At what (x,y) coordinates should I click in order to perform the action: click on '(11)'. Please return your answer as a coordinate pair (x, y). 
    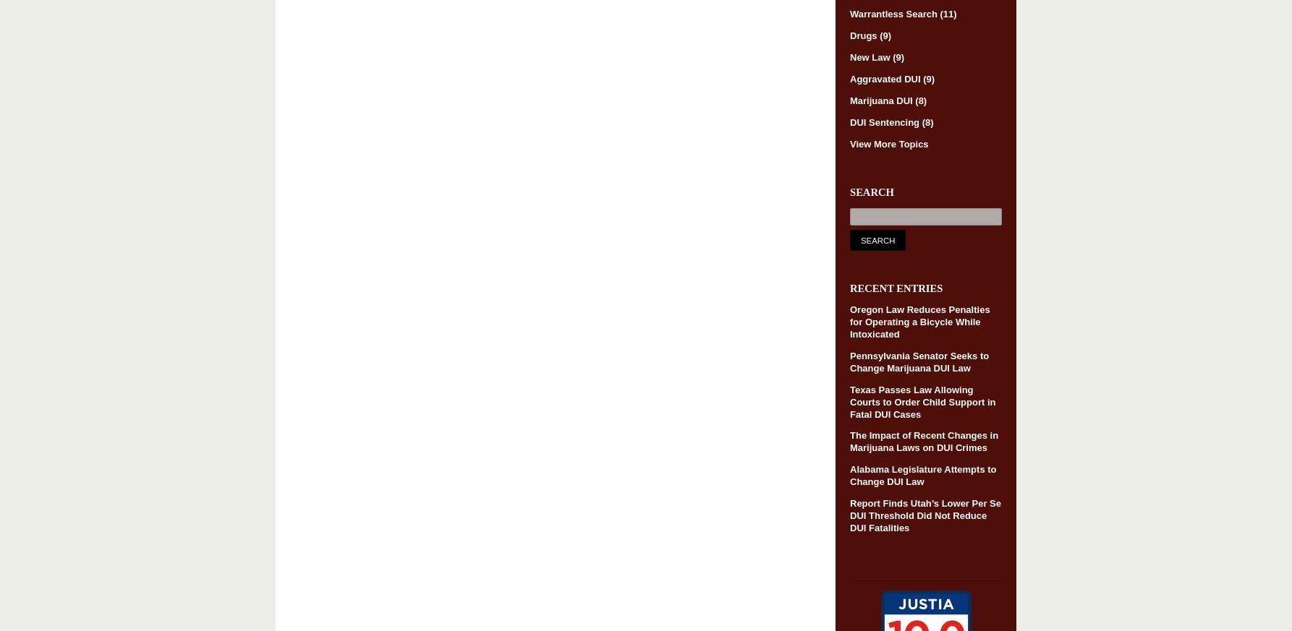
    Looking at the image, I should click on (939, 13).